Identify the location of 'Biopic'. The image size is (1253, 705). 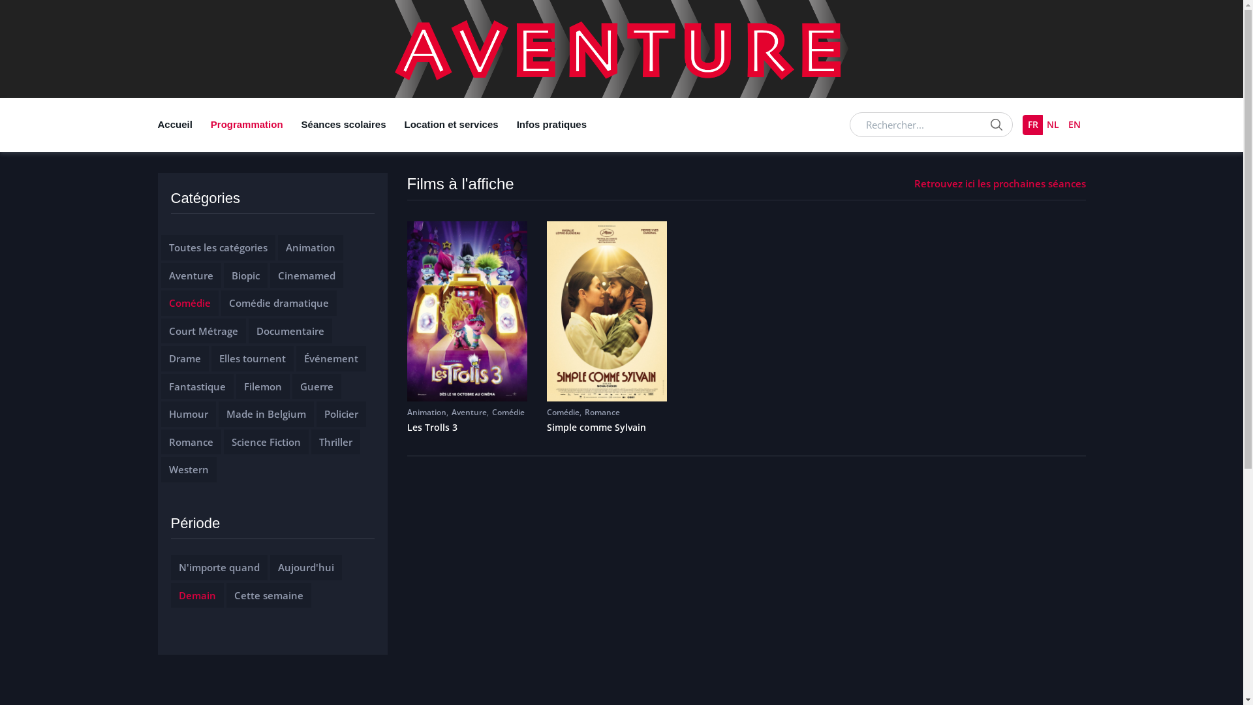
(245, 274).